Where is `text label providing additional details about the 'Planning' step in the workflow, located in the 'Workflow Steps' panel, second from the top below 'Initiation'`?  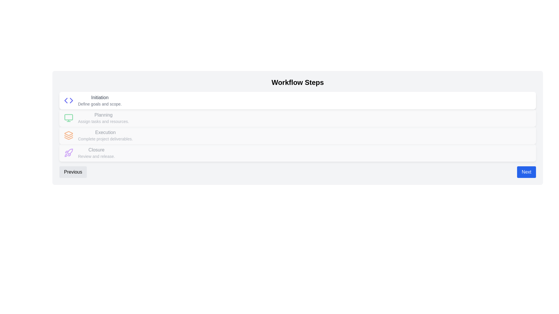
text label providing additional details about the 'Planning' step in the workflow, located in the 'Workflow Steps' panel, second from the top below 'Initiation' is located at coordinates (103, 121).